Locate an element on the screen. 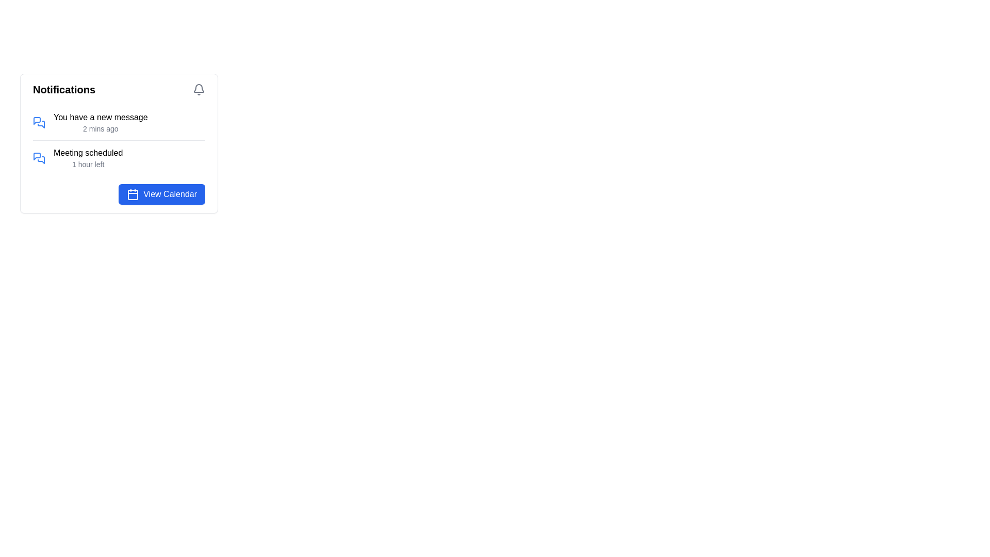 The width and height of the screenshot is (990, 557). the small-sized, gray-colored text label displaying '1 hour left' that is positioned below the bold text 'Meeting scheduled' in the notification panel is located at coordinates (88, 164).